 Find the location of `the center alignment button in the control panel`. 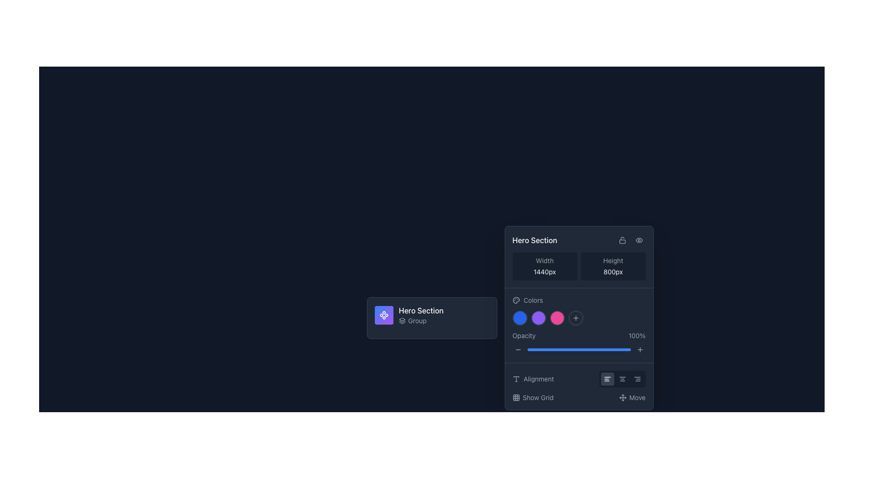

the center alignment button in the control panel is located at coordinates (622, 379).